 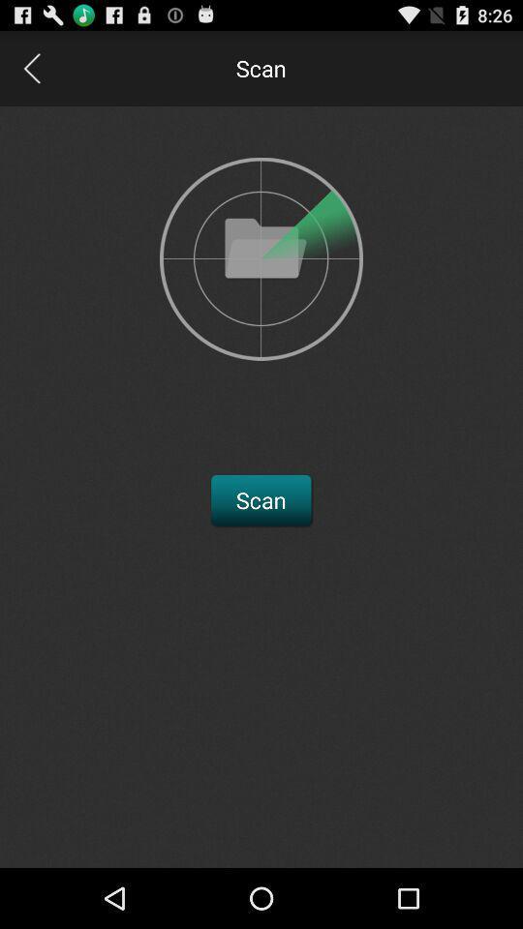 What do you see at coordinates (30, 68) in the screenshot?
I see `go back` at bounding box center [30, 68].